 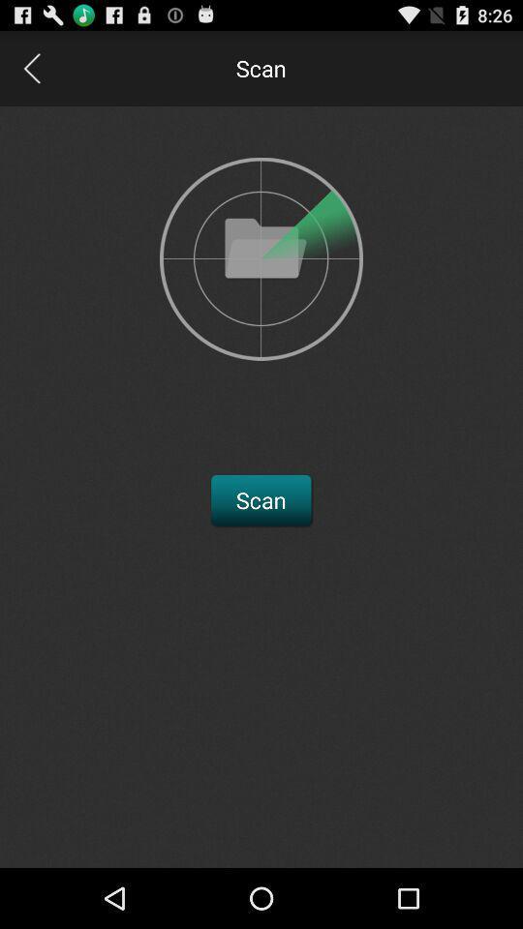 What do you see at coordinates (30, 68) in the screenshot?
I see `go back` at bounding box center [30, 68].